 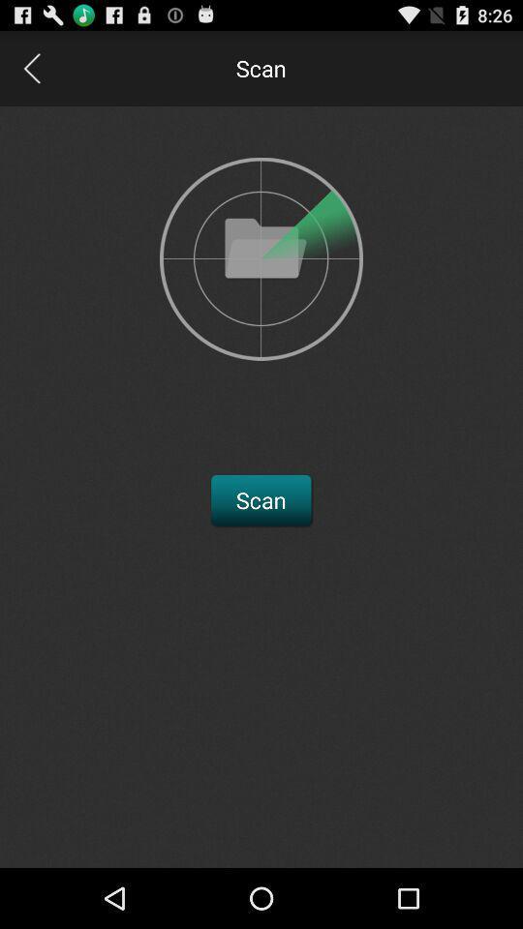 What do you see at coordinates (30, 68) in the screenshot?
I see `go back` at bounding box center [30, 68].